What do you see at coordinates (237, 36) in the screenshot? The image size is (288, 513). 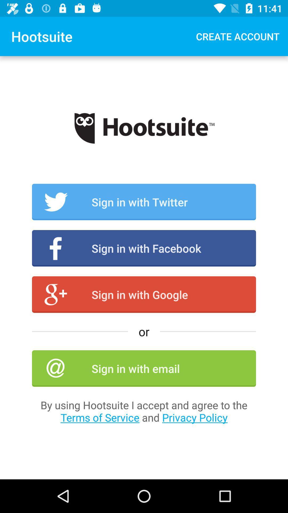 I see `the app to the right of the hootsuite icon` at bounding box center [237, 36].